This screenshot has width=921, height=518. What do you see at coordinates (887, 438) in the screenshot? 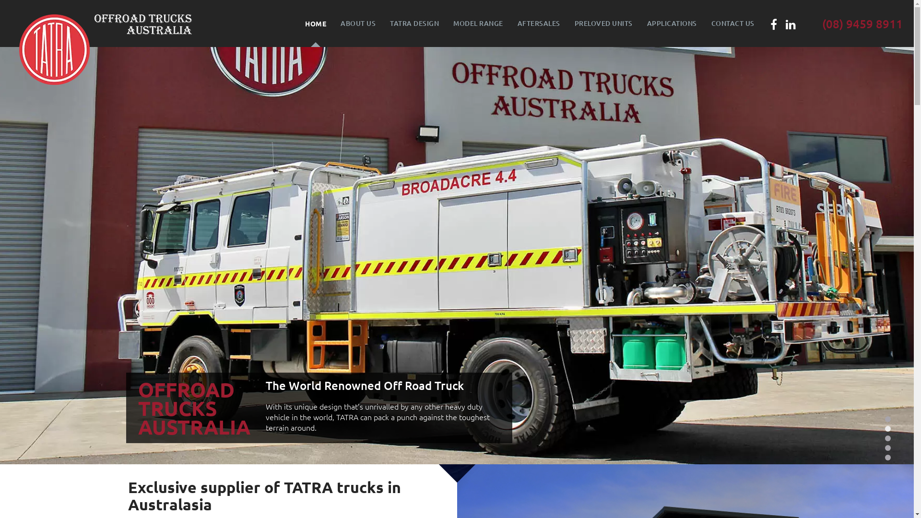
I see `'3'` at bounding box center [887, 438].